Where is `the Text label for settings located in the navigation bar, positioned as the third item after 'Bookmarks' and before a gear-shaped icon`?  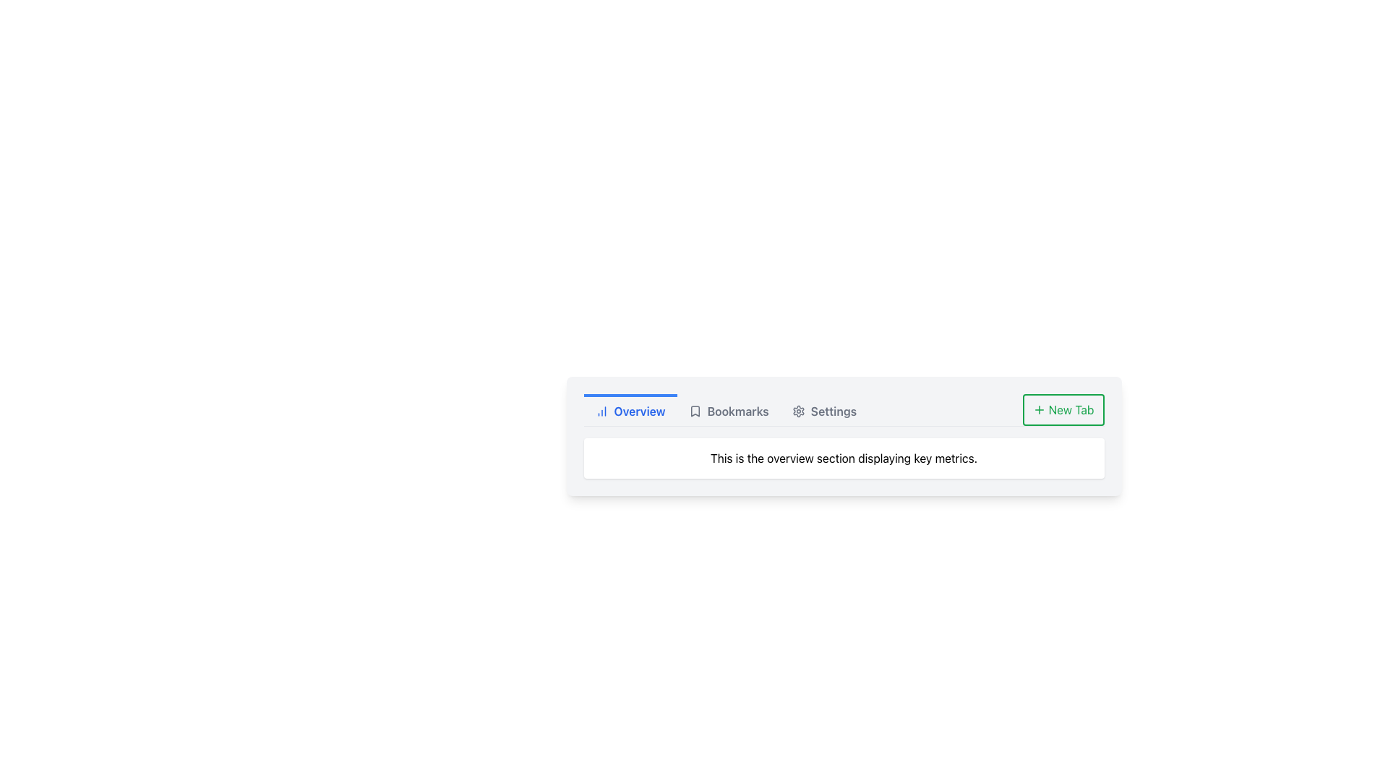 the Text label for settings located in the navigation bar, positioned as the third item after 'Bookmarks' and before a gear-shaped icon is located at coordinates (834, 411).